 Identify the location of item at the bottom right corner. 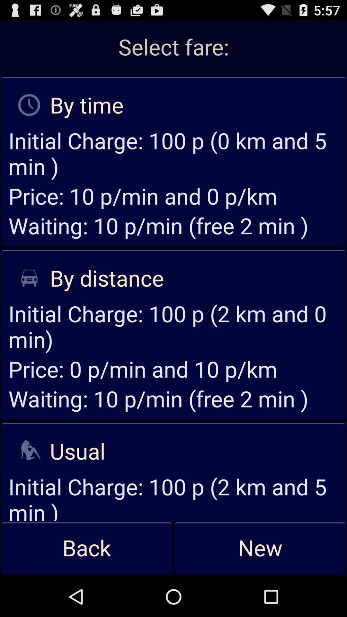
(260, 548).